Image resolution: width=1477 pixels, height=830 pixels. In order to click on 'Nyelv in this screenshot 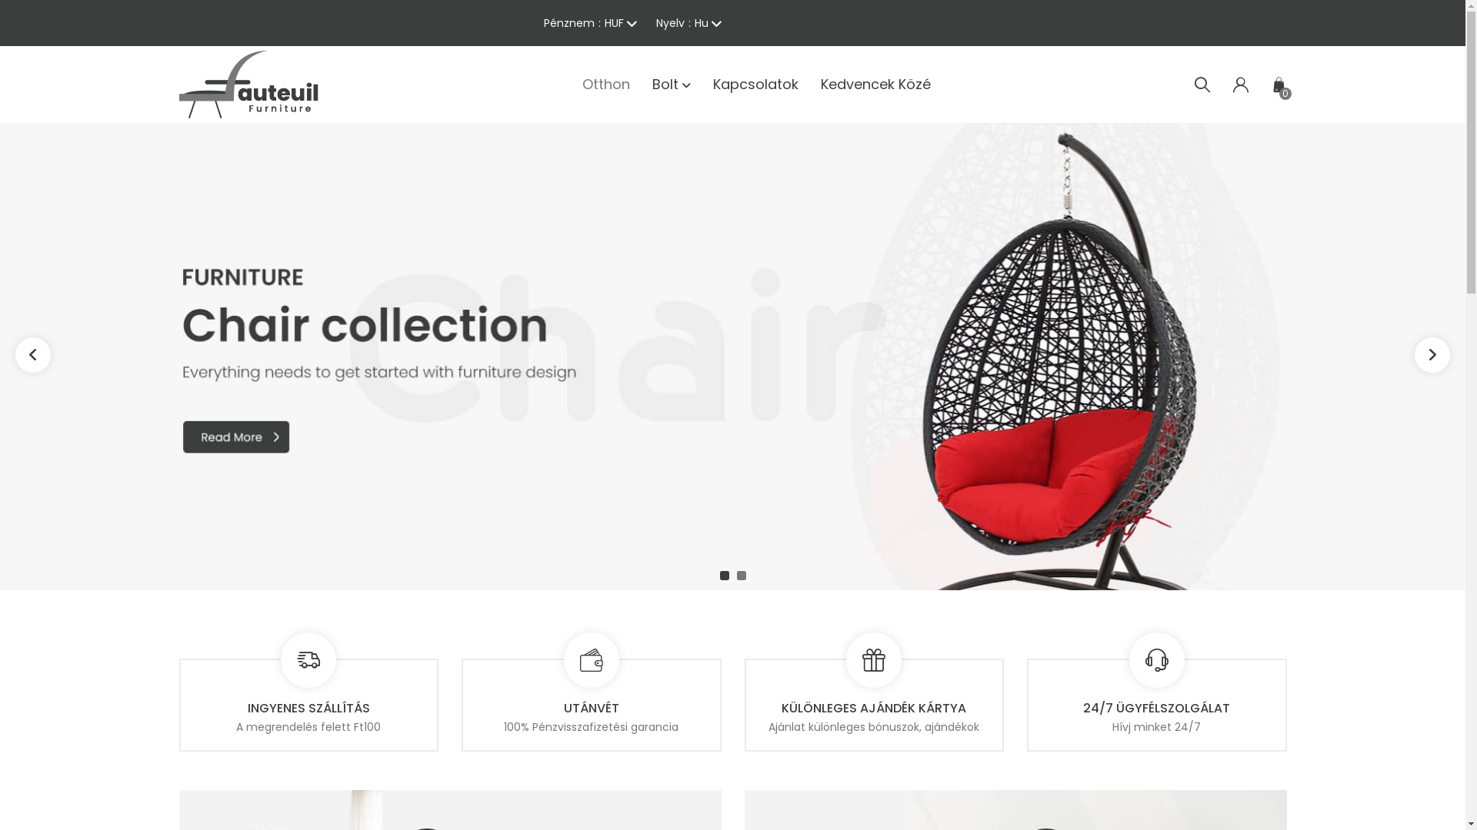, I will do `click(655, 23)`.